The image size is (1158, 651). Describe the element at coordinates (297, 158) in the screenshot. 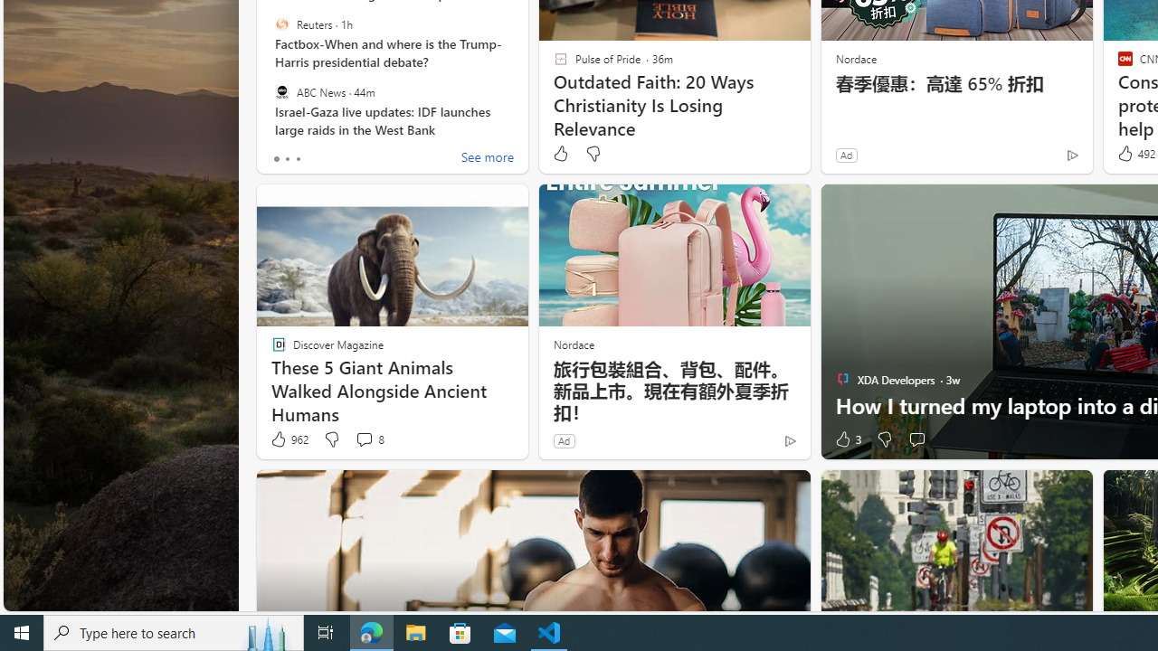

I see `'tab-2'` at that location.